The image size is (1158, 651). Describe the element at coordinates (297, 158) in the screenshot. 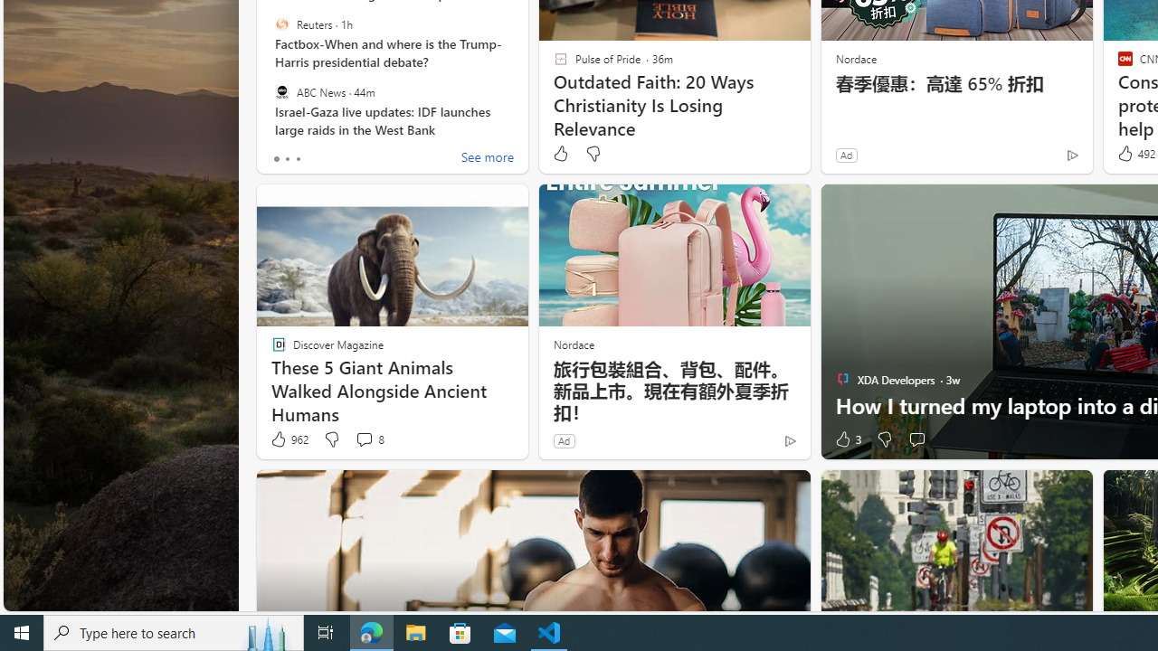

I see `'tab-2'` at that location.